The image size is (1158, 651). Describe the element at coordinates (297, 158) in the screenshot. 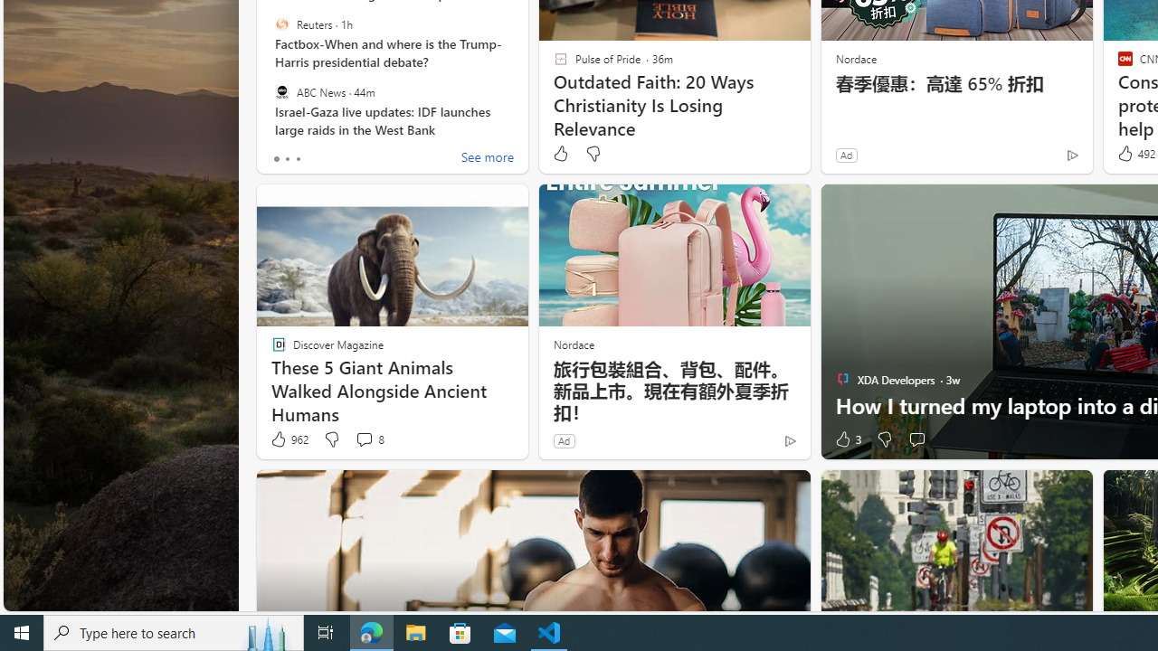

I see `'tab-2'` at that location.